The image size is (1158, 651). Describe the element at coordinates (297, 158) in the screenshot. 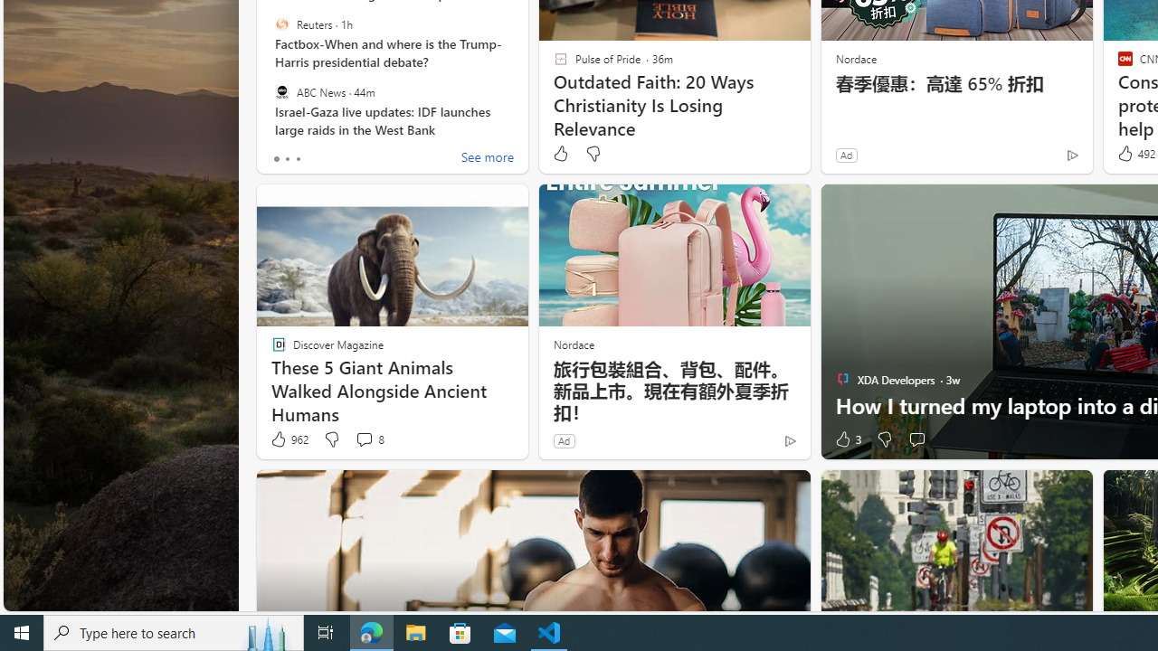

I see `'tab-2'` at that location.